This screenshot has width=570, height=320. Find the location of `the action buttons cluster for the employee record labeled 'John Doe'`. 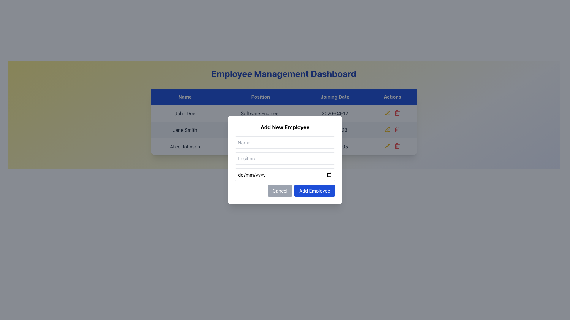

the action buttons cluster for the employee record labeled 'John Doe' is located at coordinates (392, 113).